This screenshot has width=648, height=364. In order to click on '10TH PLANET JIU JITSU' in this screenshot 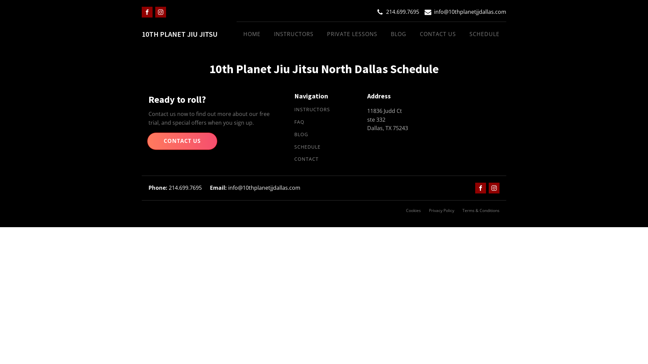, I will do `click(180, 34)`.